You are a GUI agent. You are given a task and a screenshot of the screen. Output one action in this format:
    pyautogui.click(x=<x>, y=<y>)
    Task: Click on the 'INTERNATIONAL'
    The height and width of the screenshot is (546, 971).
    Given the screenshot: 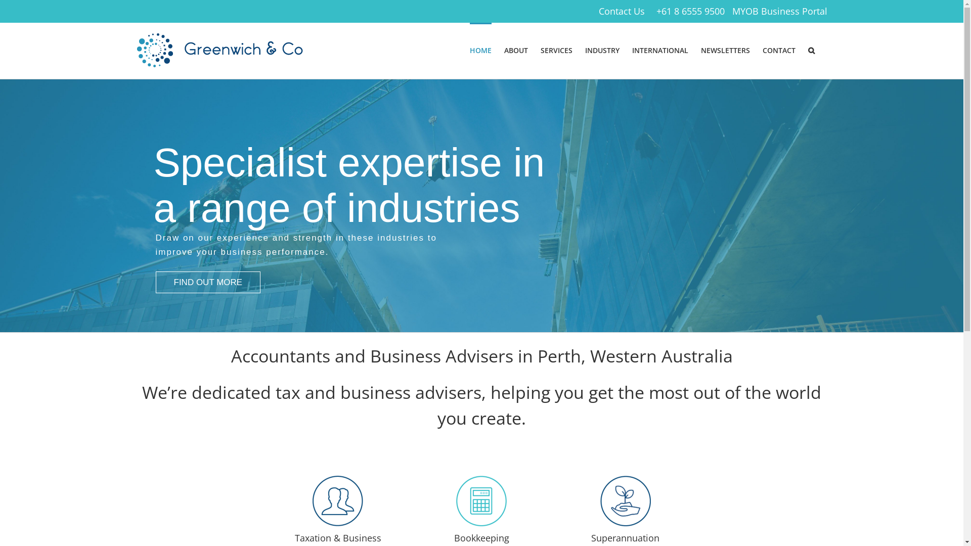 What is the action you would take?
    pyautogui.click(x=660, y=50)
    